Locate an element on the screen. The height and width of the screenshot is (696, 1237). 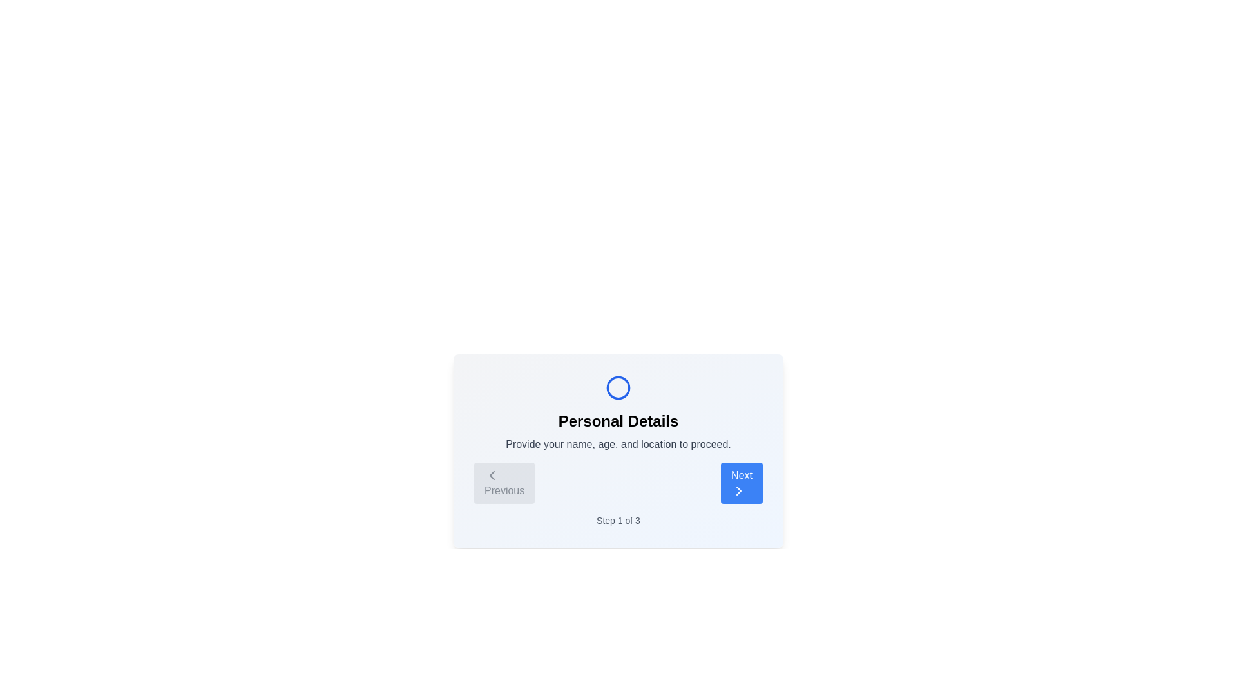
the 'Next' button to navigate to the next step is located at coordinates (742, 483).